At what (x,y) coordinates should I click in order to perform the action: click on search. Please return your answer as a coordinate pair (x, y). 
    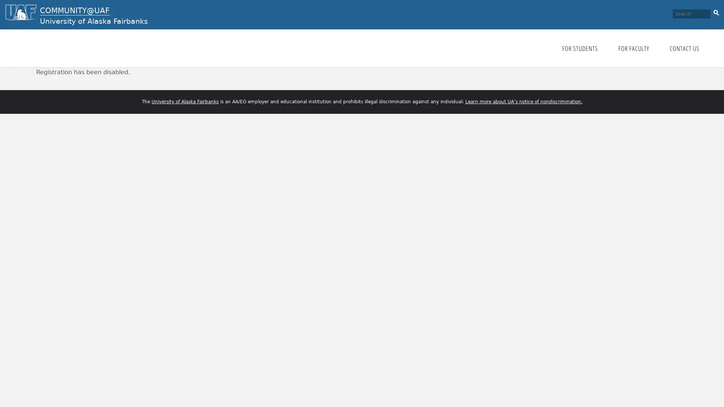
    Looking at the image, I should click on (716, 11).